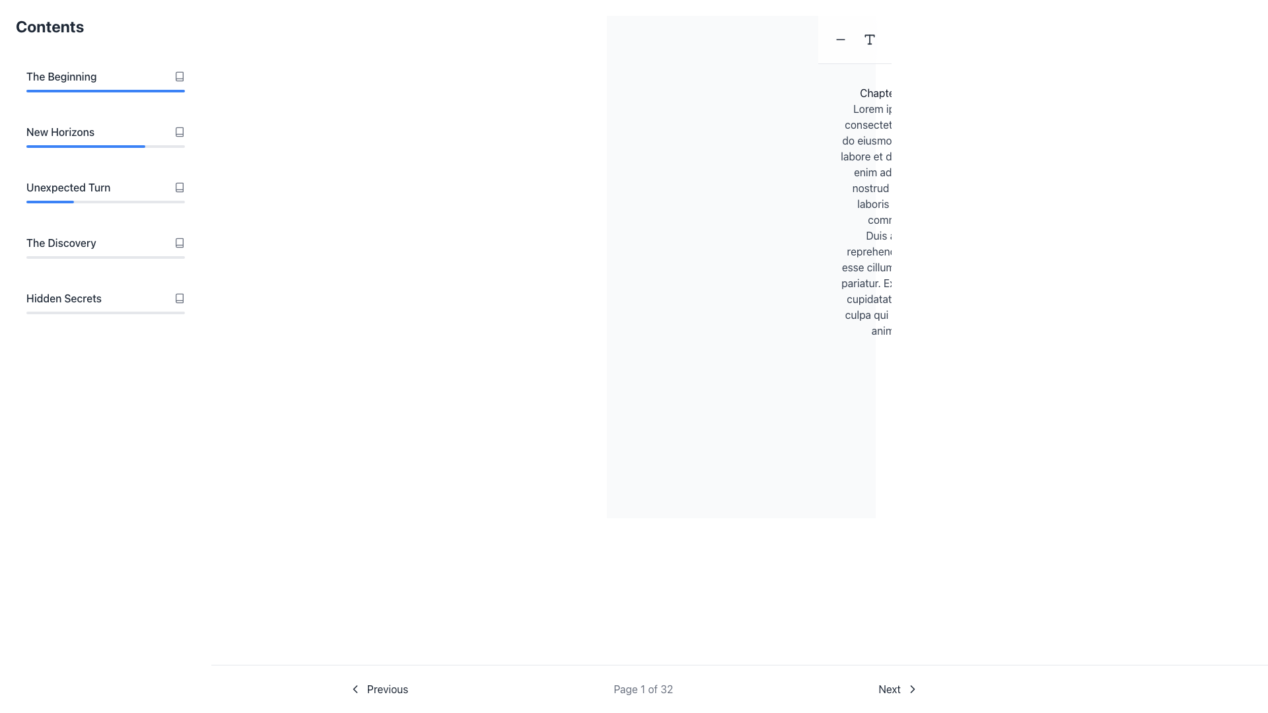 Image resolution: width=1268 pixels, height=713 pixels. I want to click on the icon element resembling a book, which is located immediately to the right of the text labeled 'The Beginning' in the content section, so click(179, 76).